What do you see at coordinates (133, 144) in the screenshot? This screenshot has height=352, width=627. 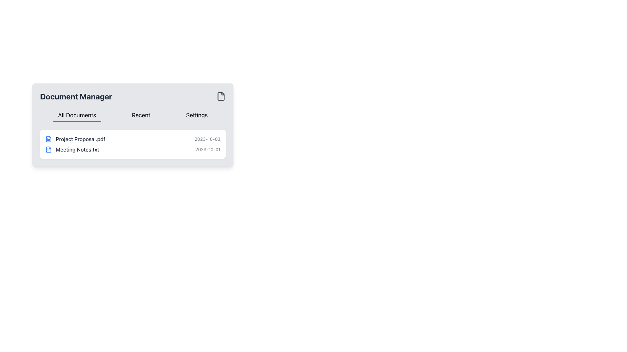 I see `the first item in the file list within the Document Manager interface` at bounding box center [133, 144].